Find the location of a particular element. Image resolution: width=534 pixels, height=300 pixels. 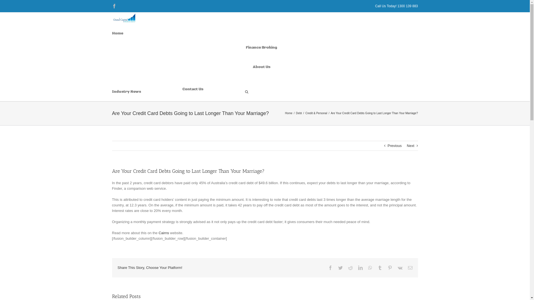

'Previous' is located at coordinates (394, 145).